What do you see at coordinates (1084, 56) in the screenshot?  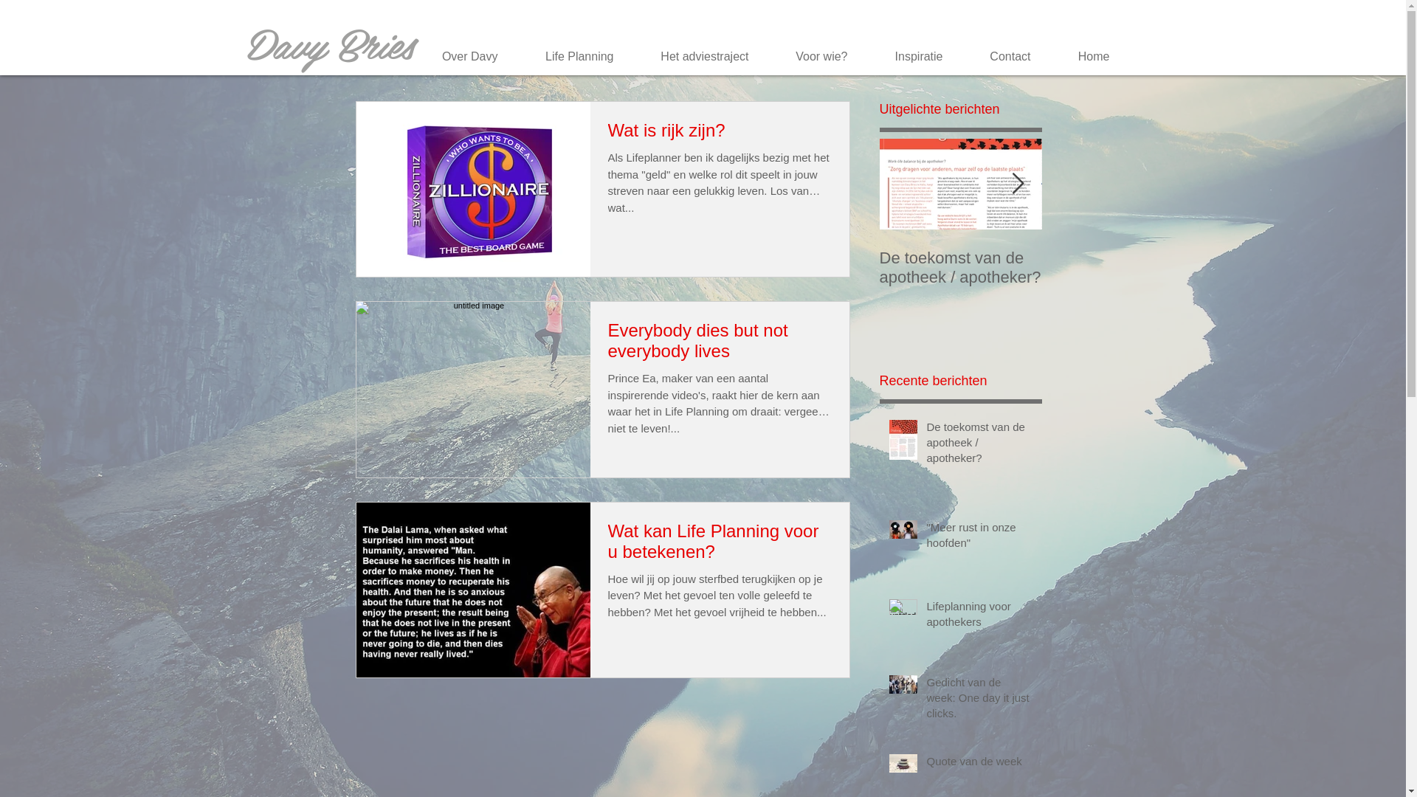 I see `'Home'` at bounding box center [1084, 56].